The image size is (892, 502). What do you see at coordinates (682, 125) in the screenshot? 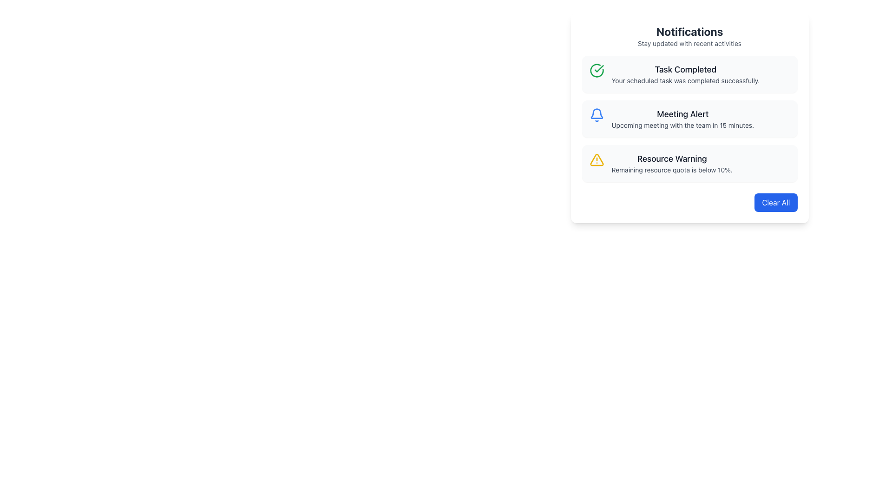
I see `text from the small gray text label that states 'Upcoming meeting with the team in 15 minutes.' located below the title of the 'Meeting Alert' notification card` at bounding box center [682, 125].